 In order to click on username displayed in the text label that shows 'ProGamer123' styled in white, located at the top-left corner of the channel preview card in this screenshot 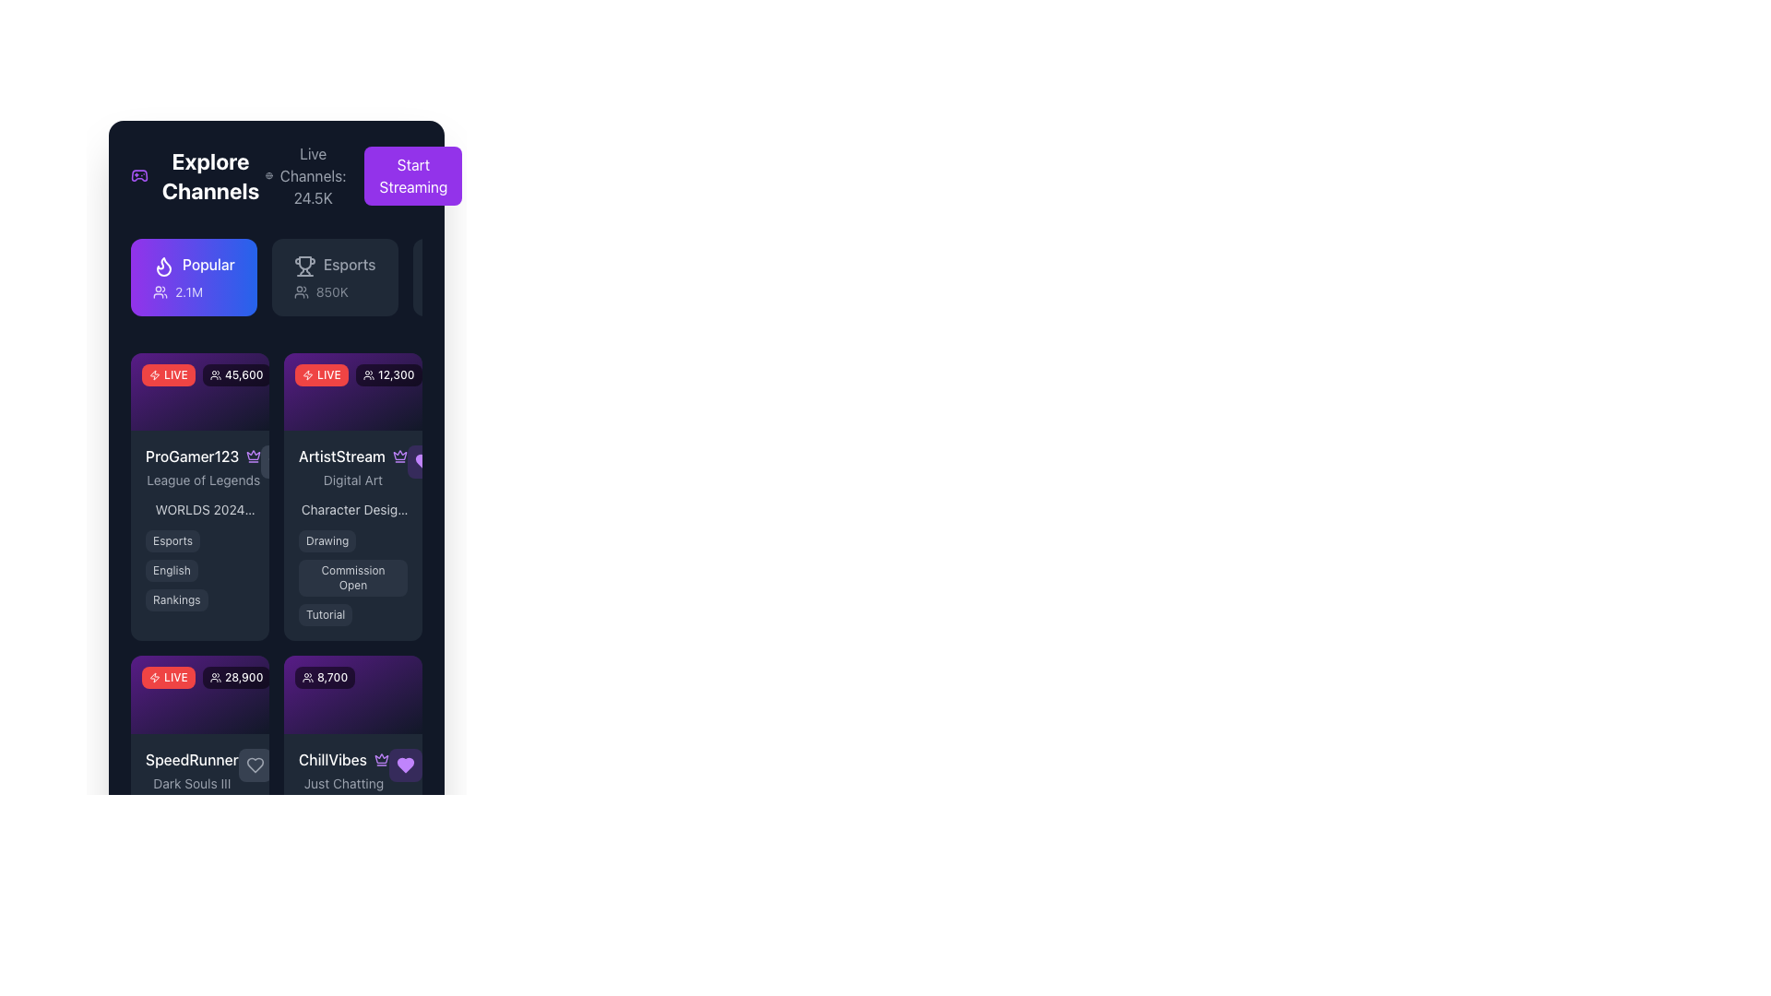, I will do `click(192, 456)`.